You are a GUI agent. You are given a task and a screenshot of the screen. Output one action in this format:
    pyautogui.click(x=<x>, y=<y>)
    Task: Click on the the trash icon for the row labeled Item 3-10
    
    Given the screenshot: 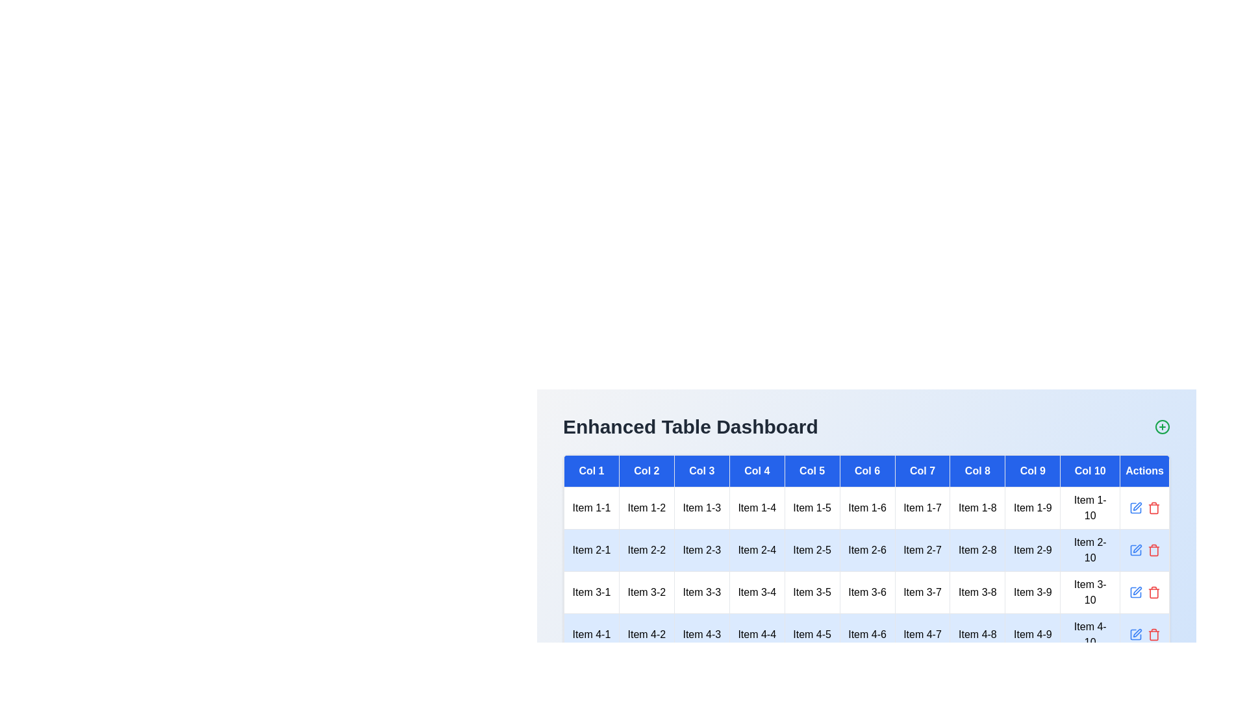 What is the action you would take?
    pyautogui.click(x=1153, y=593)
    